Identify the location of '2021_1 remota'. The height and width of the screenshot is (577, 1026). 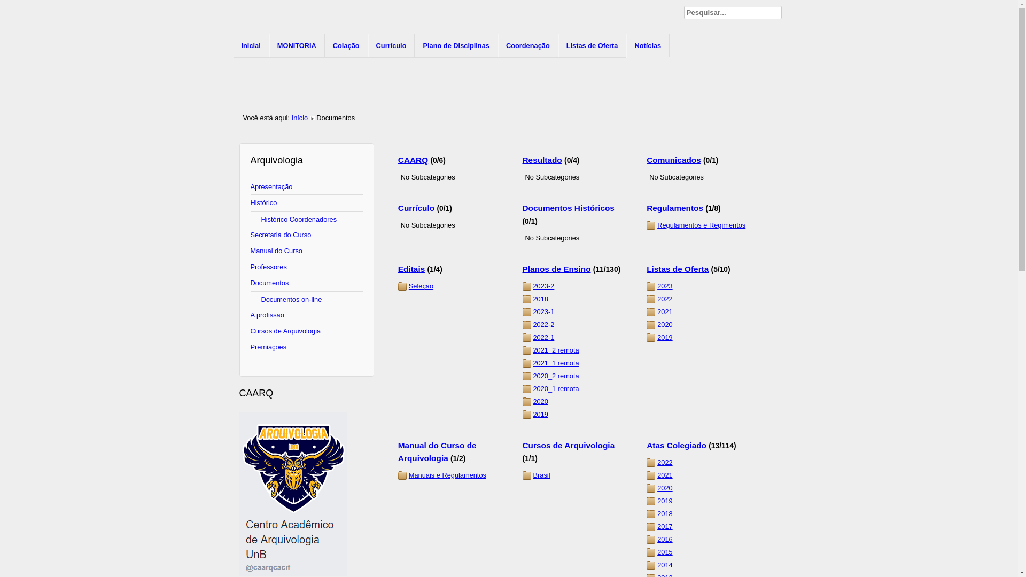
(556, 362).